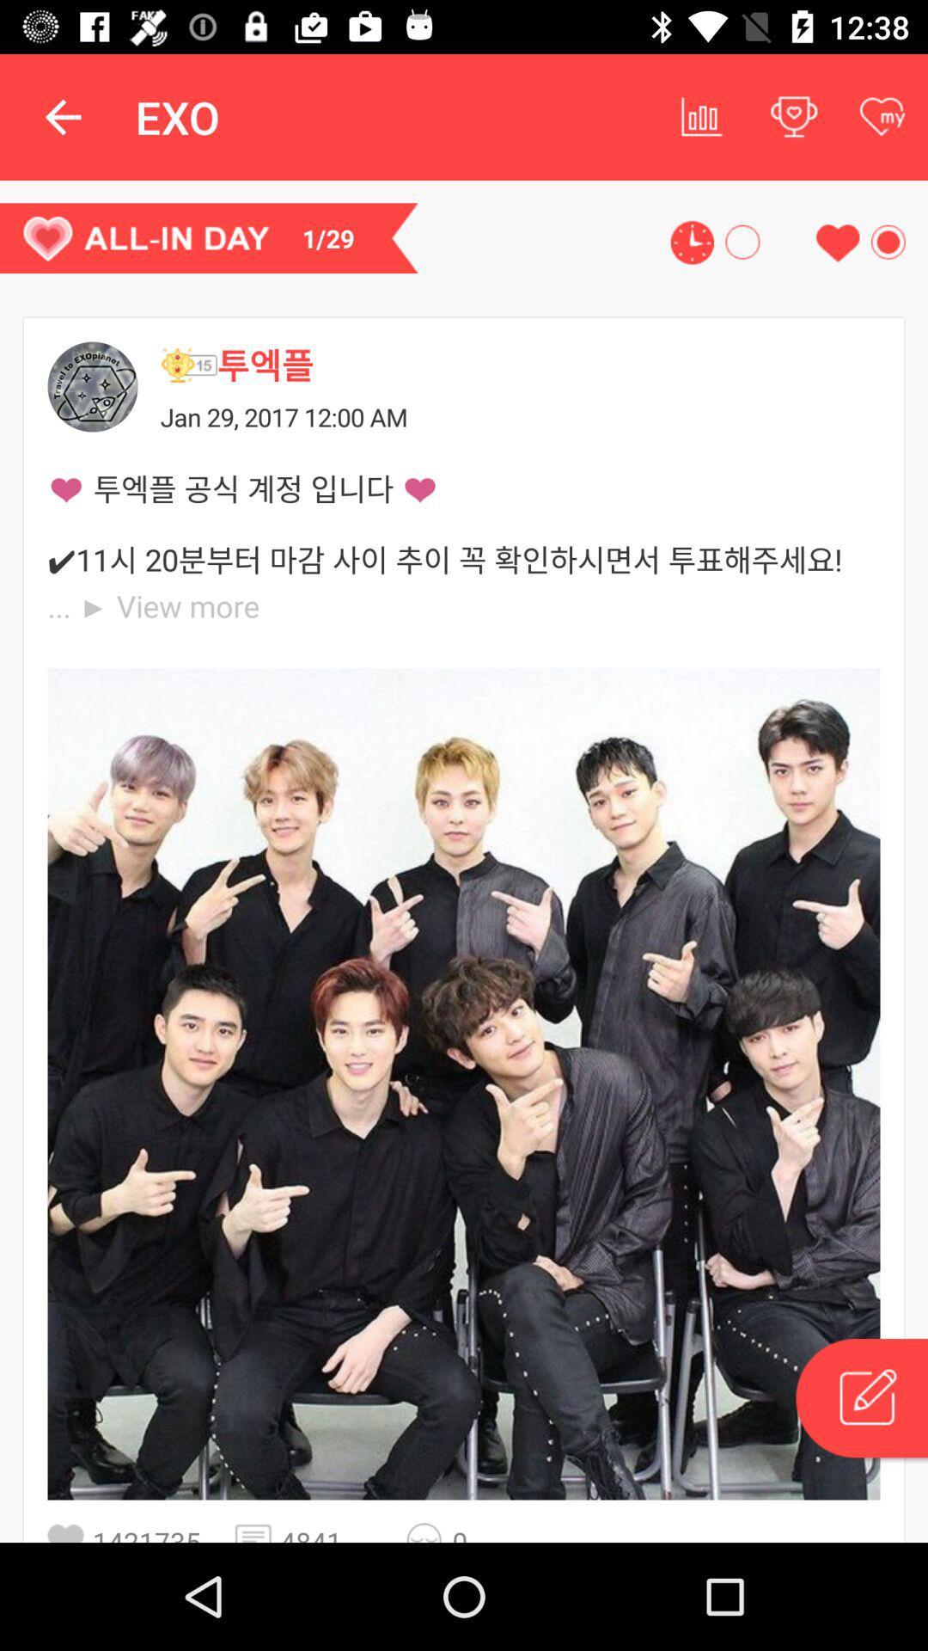 The width and height of the screenshot is (928, 1651). What do you see at coordinates (464, 1083) in the screenshot?
I see `image` at bounding box center [464, 1083].